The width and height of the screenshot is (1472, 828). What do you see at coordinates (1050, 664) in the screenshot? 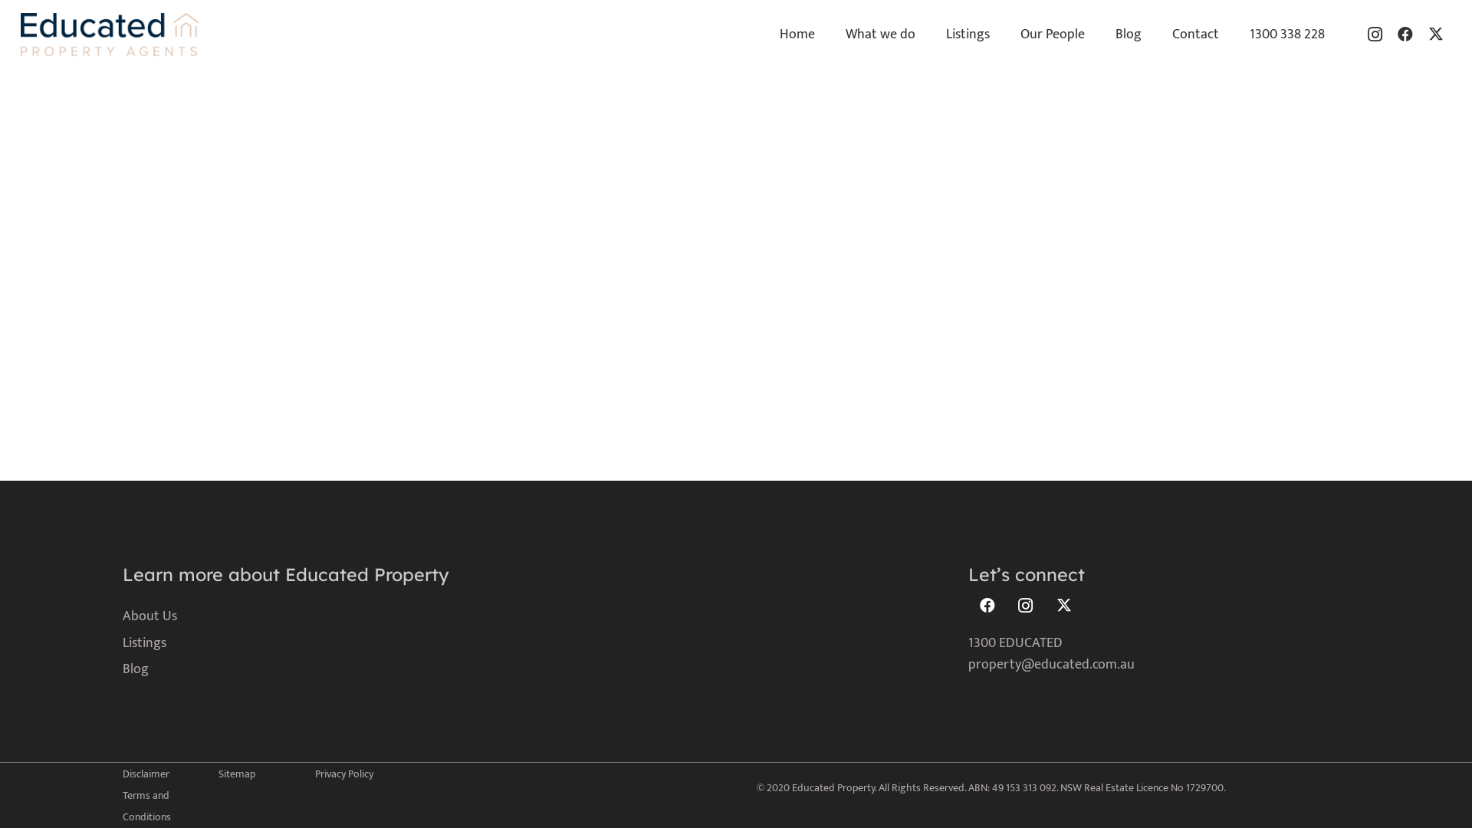
I see `'property@educated.com.au'` at bounding box center [1050, 664].